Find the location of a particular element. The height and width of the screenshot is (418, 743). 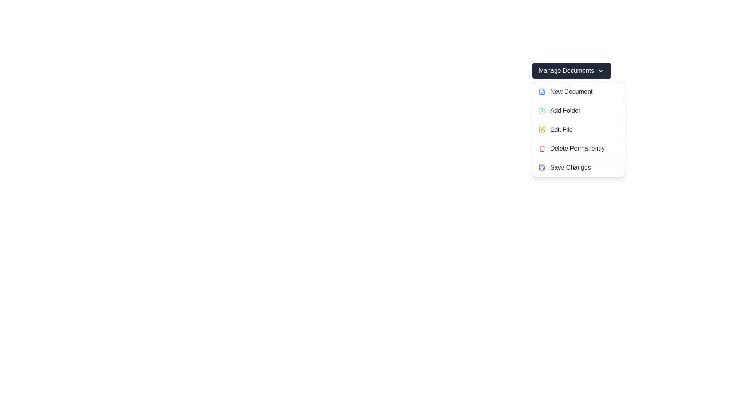

the red-colored trash can icon located to the left of the 'Delete Permanently' text label in the 'Manage Documents' section is located at coordinates (541, 149).